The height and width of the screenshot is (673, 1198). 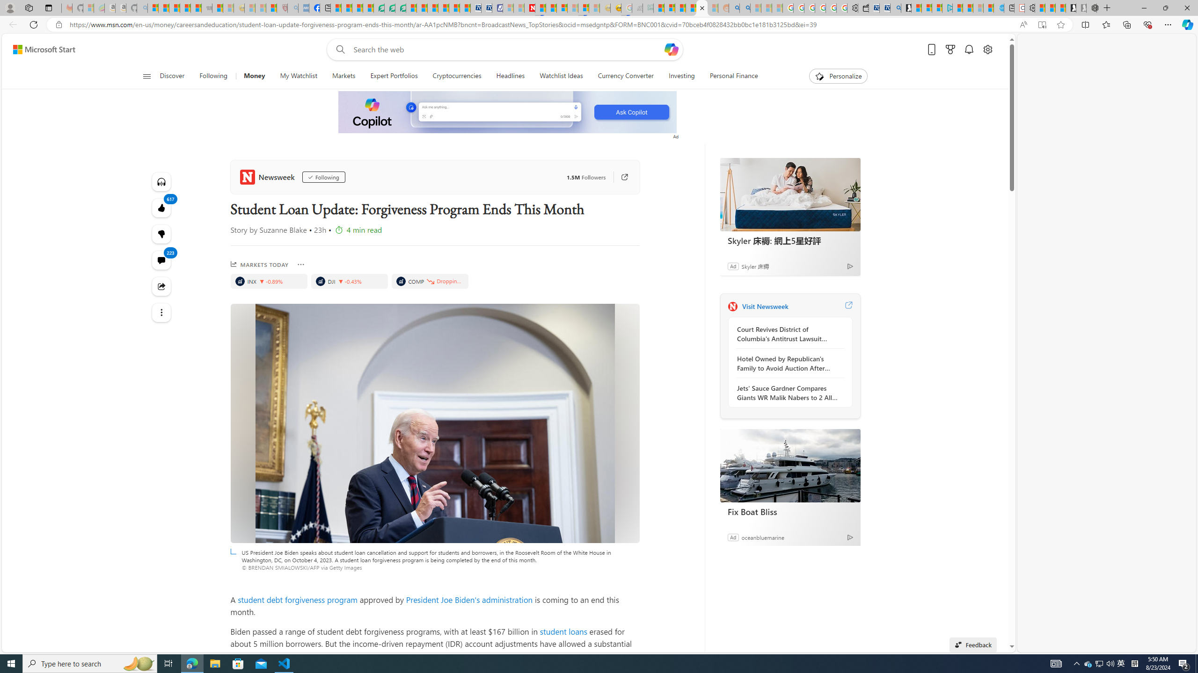 I want to click on 'MSNBC - MSN', so click(x=658, y=7).